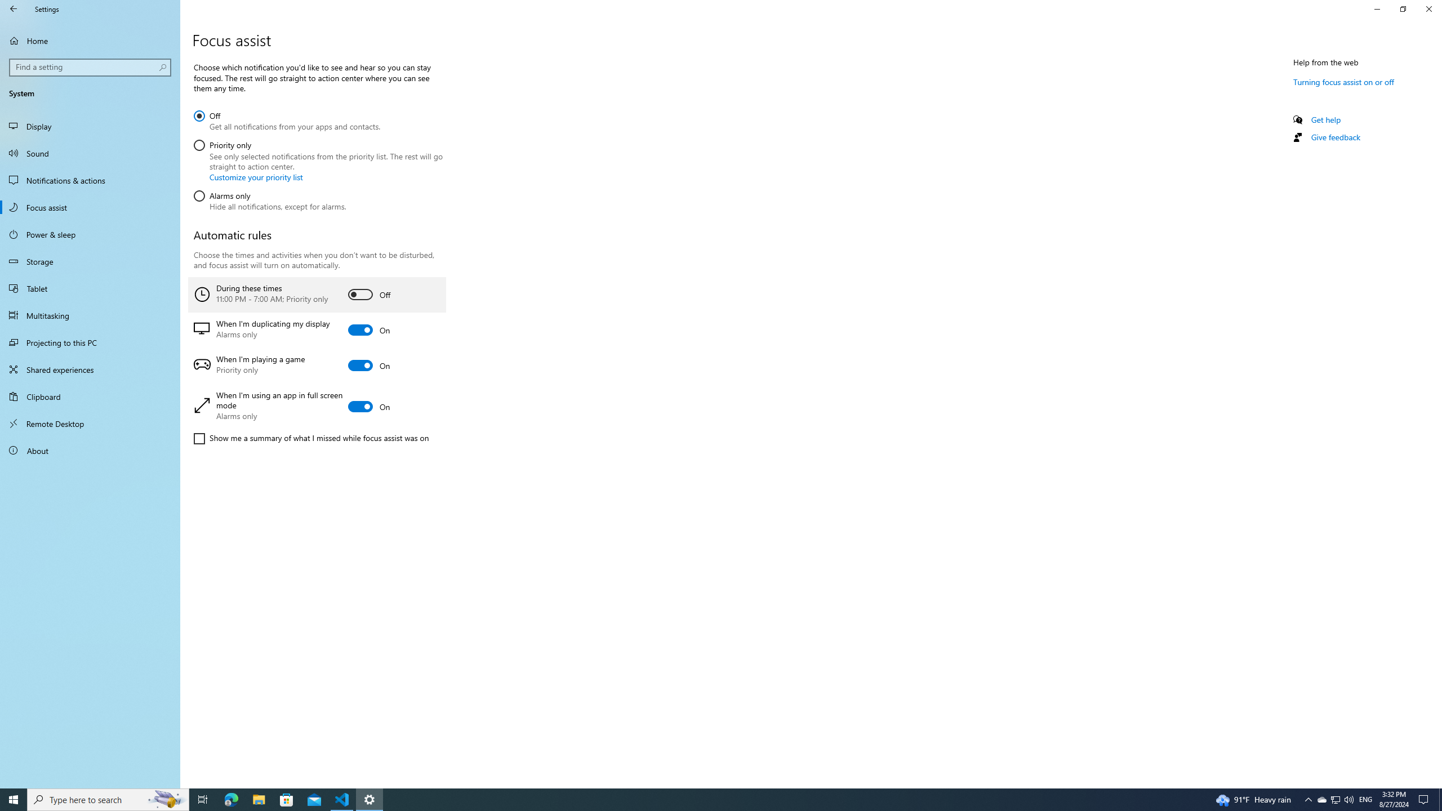 This screenshot has height=811, width=1442. What do you see at coordinates (166, 799) in the screenshot?
I see `'Search highlights icon opens search home window'` at bounding box center [166, 799].